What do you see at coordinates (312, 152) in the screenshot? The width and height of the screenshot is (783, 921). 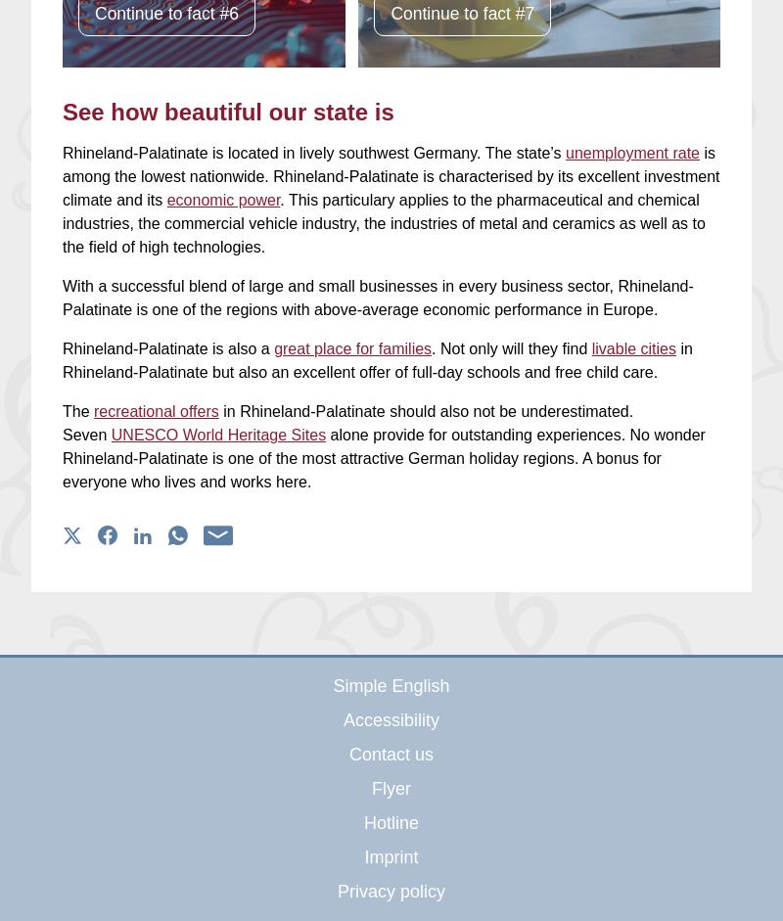 I see `'Rhineland-Palatinate is located in lively southwest Germany. The state’s'` at bounding box center [312, 152].